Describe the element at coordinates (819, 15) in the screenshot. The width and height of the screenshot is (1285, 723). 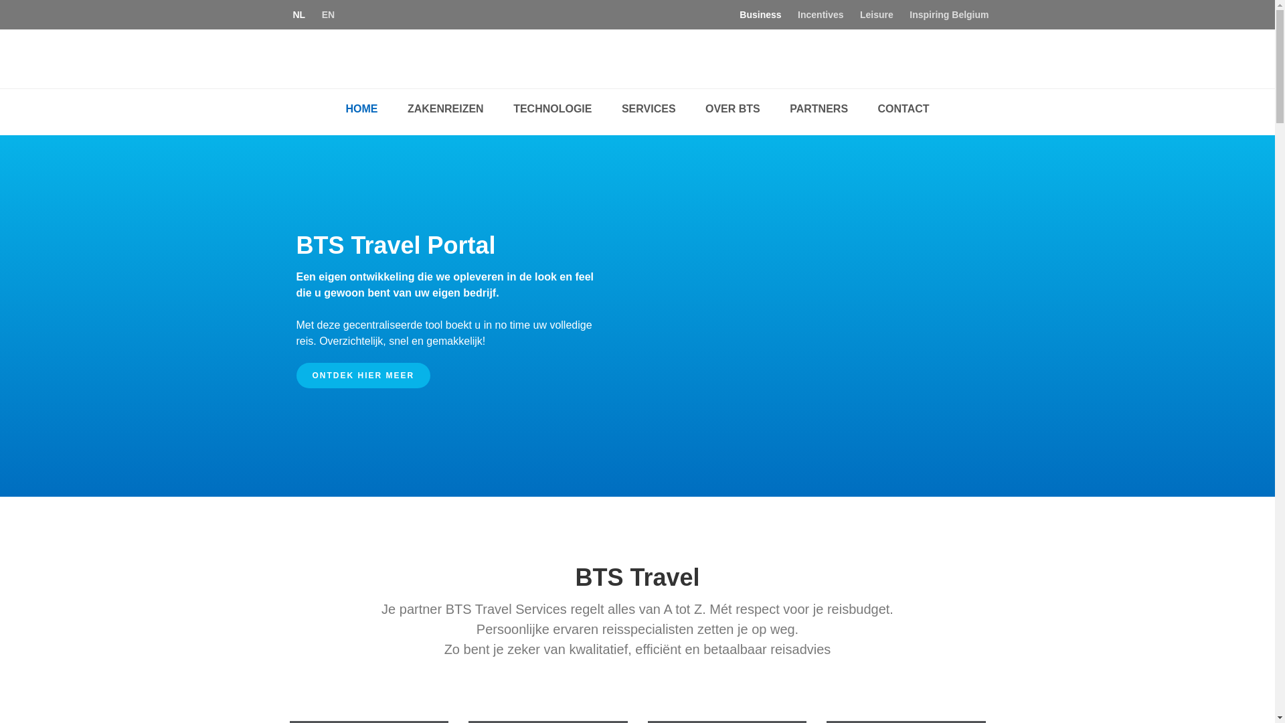
I see `'Incentives'` at that location.